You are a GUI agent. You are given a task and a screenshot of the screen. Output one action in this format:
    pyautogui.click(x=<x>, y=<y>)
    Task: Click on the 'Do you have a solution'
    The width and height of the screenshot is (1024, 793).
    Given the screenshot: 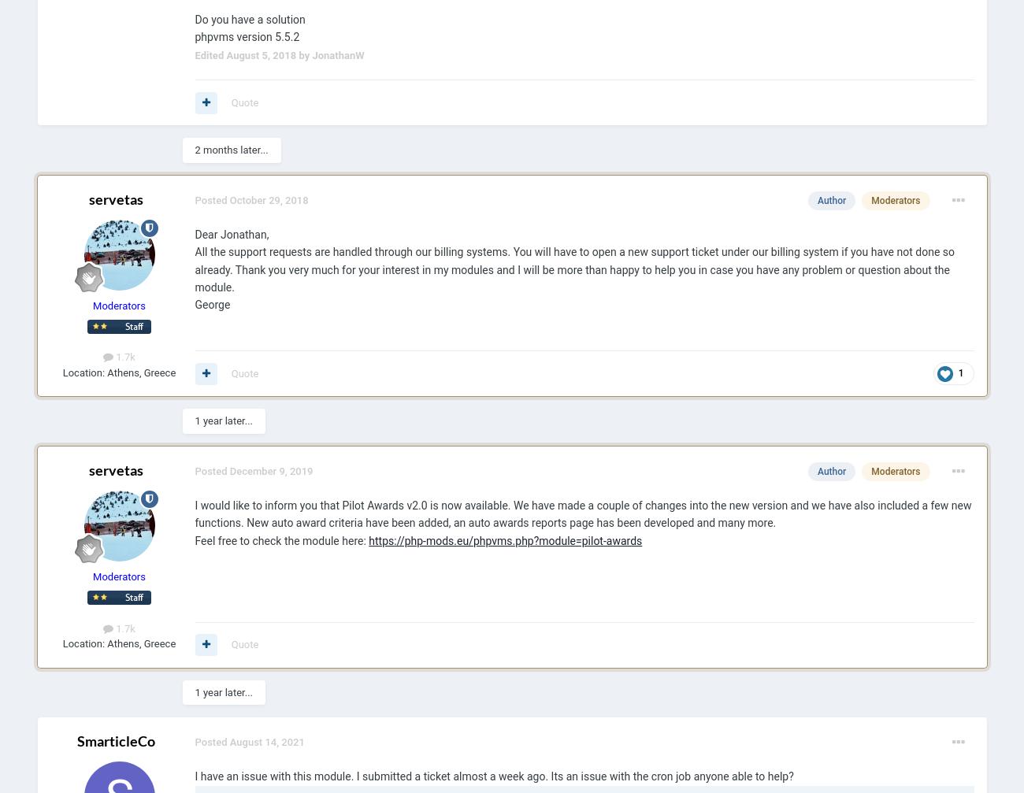 What is the action you would take?
    pyautogui.click(x=249, y=18)
    